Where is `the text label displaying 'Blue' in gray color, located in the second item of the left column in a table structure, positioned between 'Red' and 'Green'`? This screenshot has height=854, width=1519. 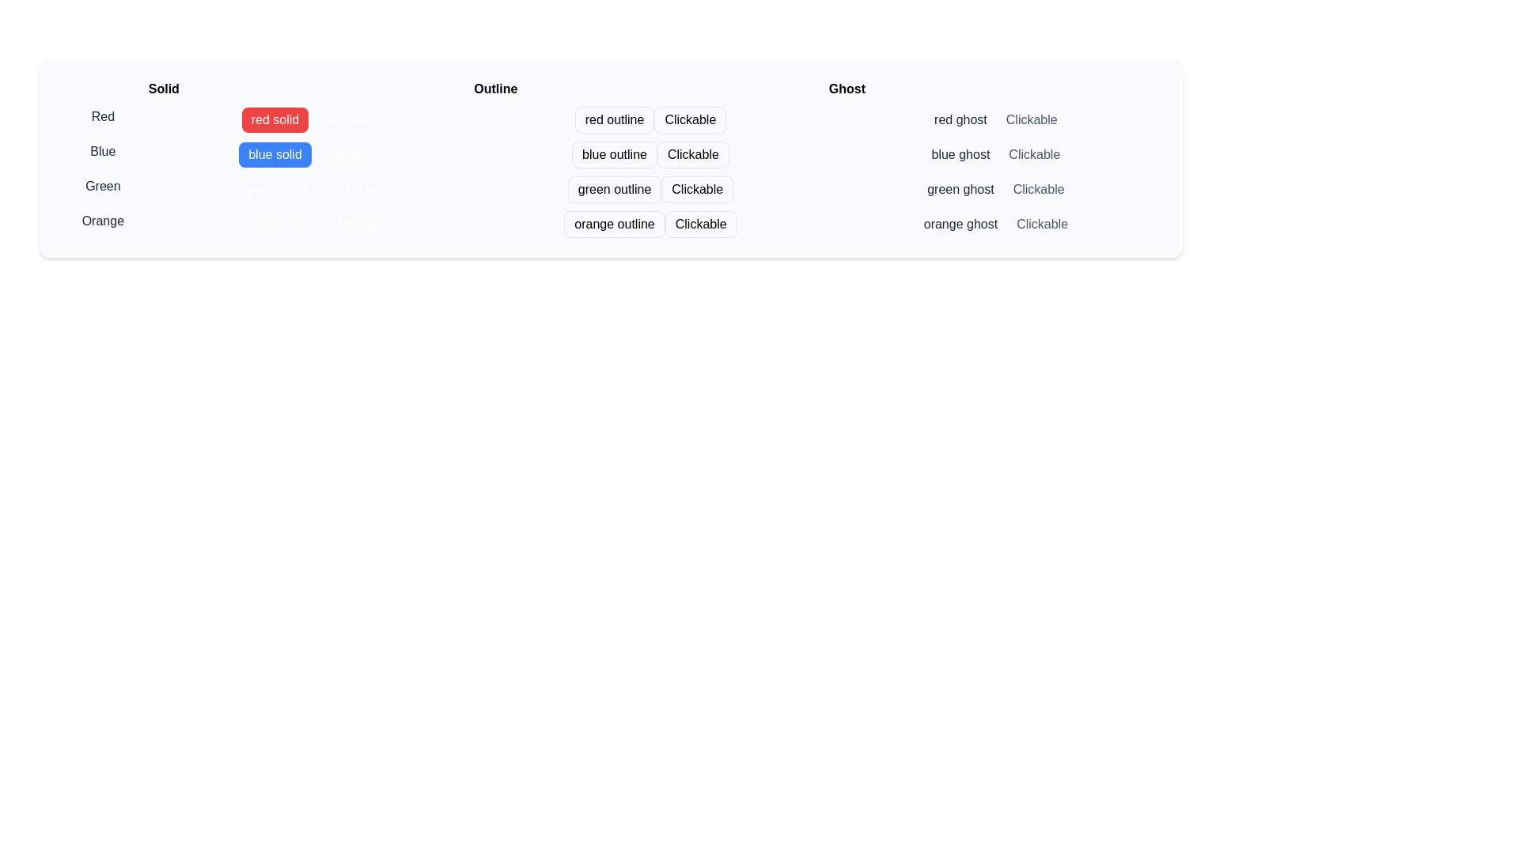
the text label displaying 'Blue' in gray color, located in the second item of the left column in a table structure, positioned between 'Red' and 'Green' is located at coordinates (102, 152).